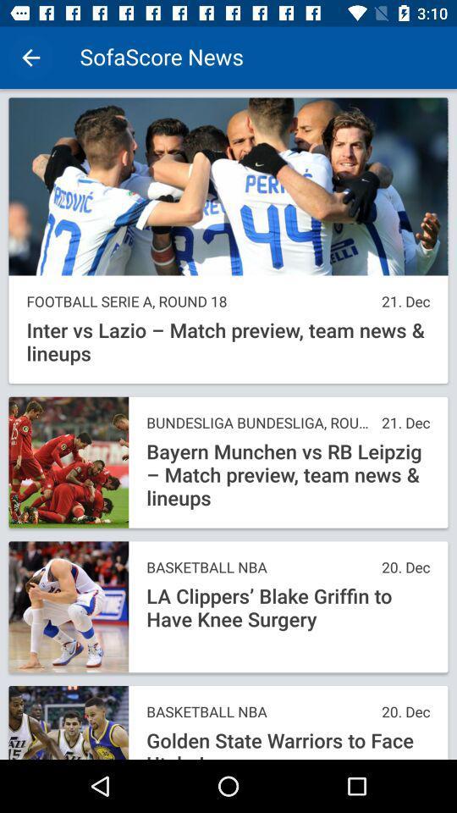  What do you see at coordinates (287, 475) in the screenshot?
I see `the bayern munchen vs icon` at bounding box center [287, 475].